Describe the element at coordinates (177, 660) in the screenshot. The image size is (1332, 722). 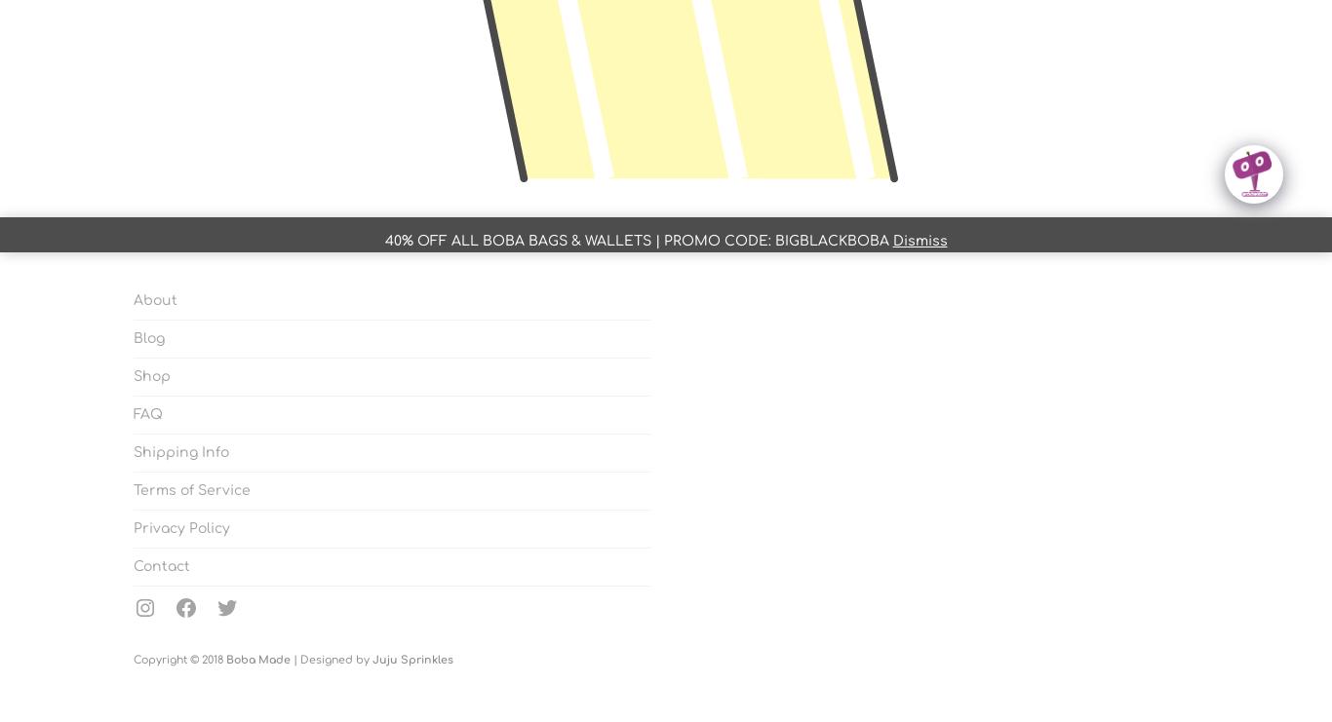
I see `'Copyright © 2018'` at that location.